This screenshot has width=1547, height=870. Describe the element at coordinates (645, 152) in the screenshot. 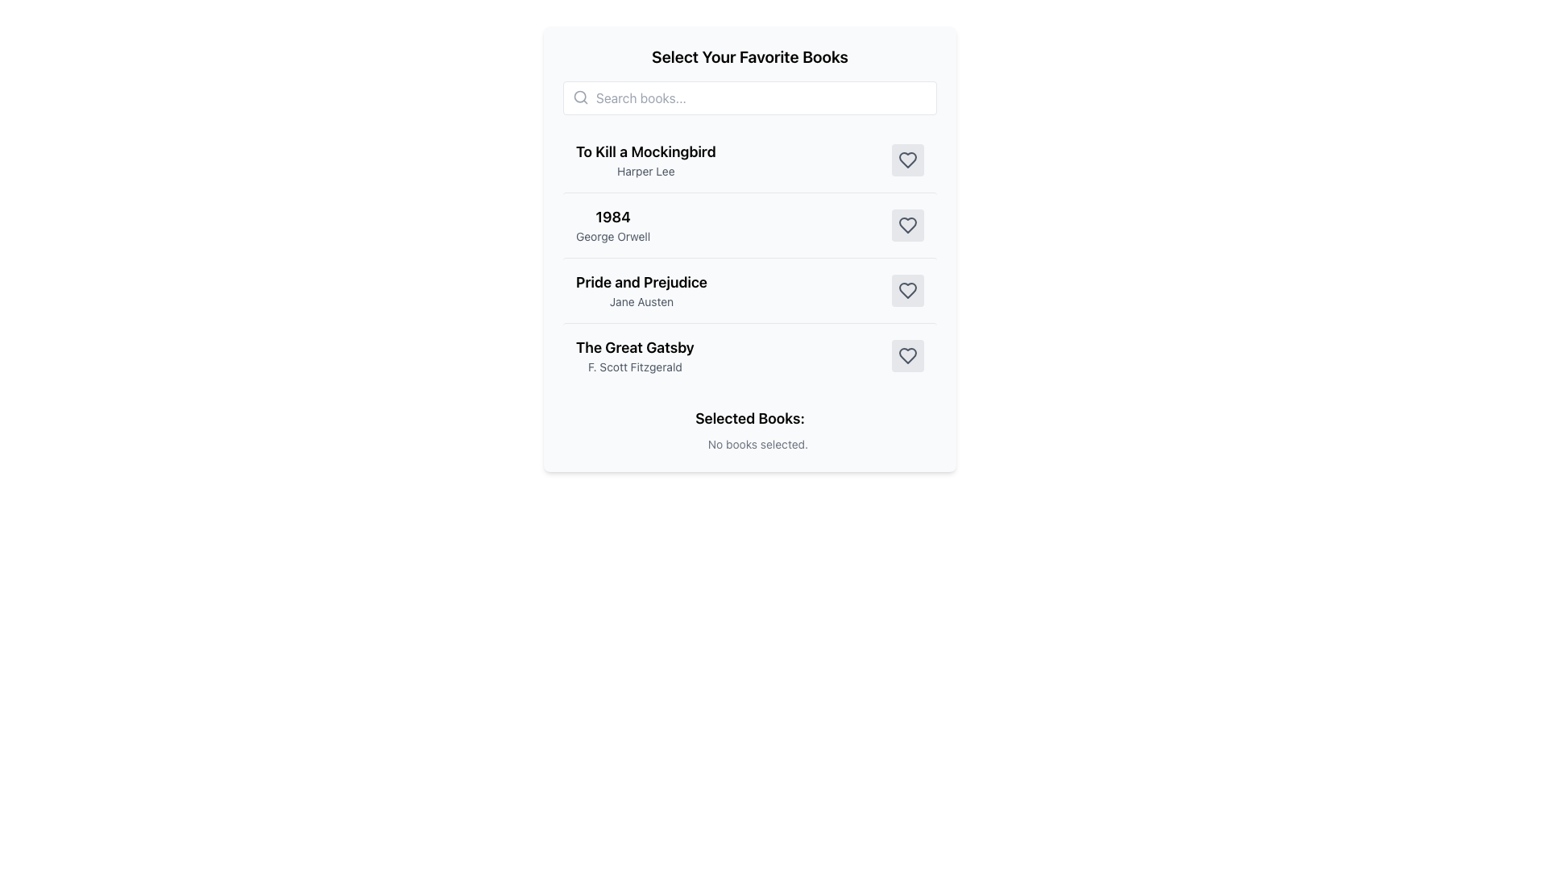

I see `the text label displaying the title of the book, located at the first position in the list, to read it for identification purposes` at that location.